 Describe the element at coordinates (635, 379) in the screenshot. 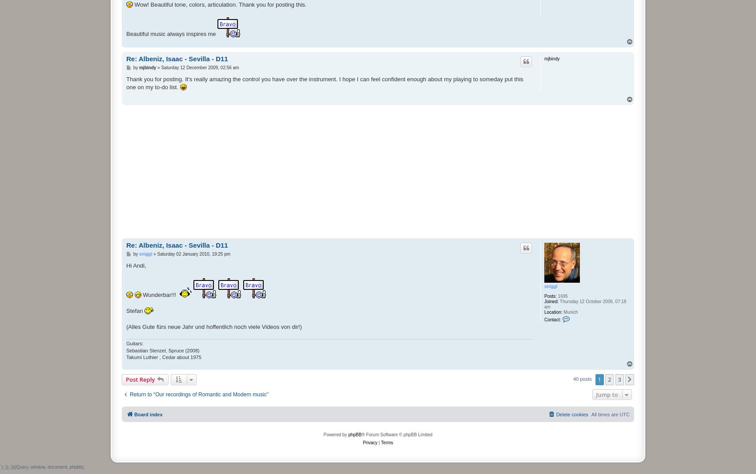

I see `'Next'` at that location.